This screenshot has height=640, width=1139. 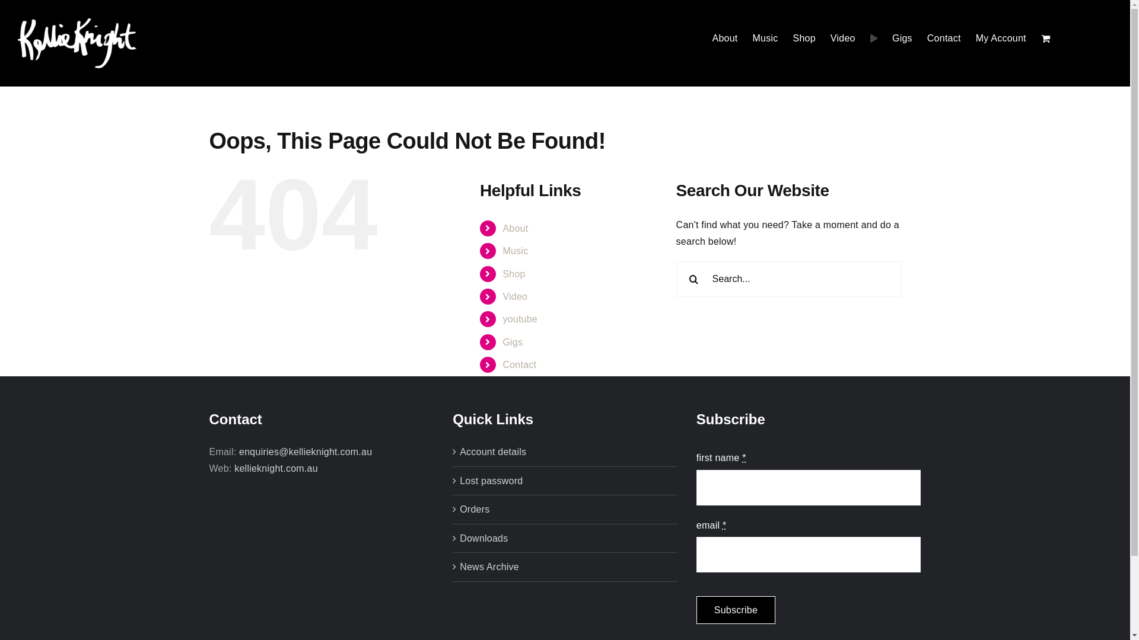 What do you see at coordinates (724, 38) in the screenshot?
I see `'About'` at bounding box center [724, 38].